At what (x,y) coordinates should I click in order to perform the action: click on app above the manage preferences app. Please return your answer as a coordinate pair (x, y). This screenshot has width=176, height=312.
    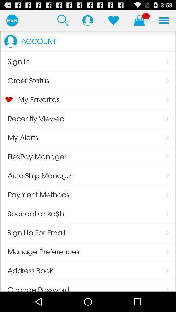
    Looking at the image, I should click on (88, 20).